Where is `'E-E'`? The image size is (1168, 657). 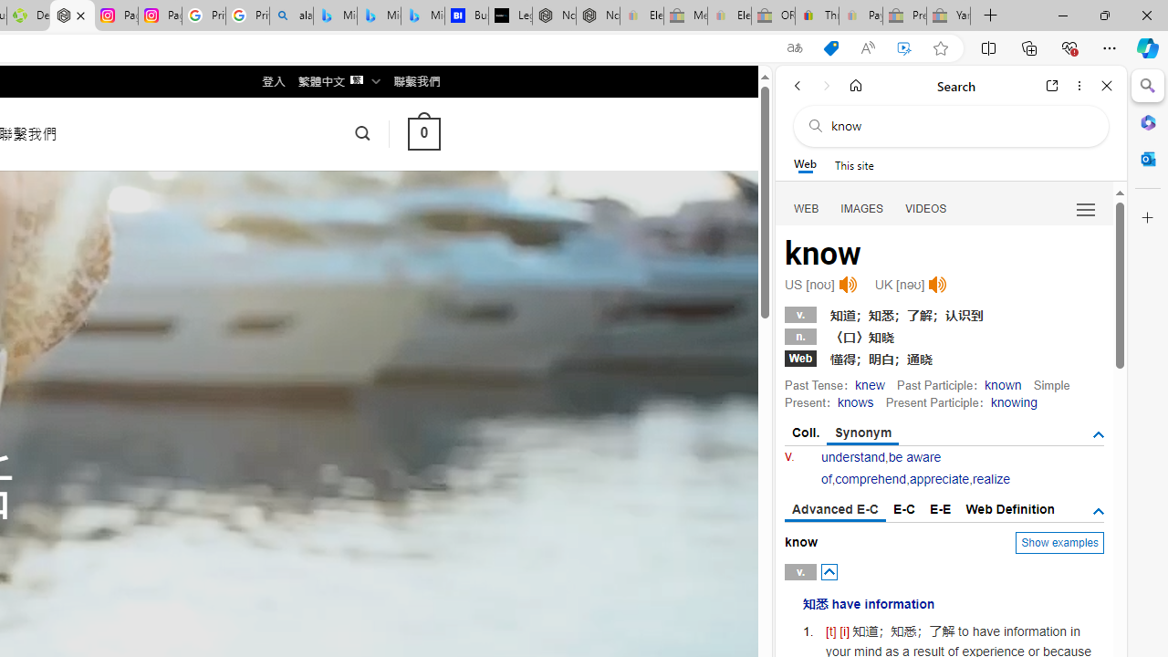 'E-E' is located at coordinates (941, 509).